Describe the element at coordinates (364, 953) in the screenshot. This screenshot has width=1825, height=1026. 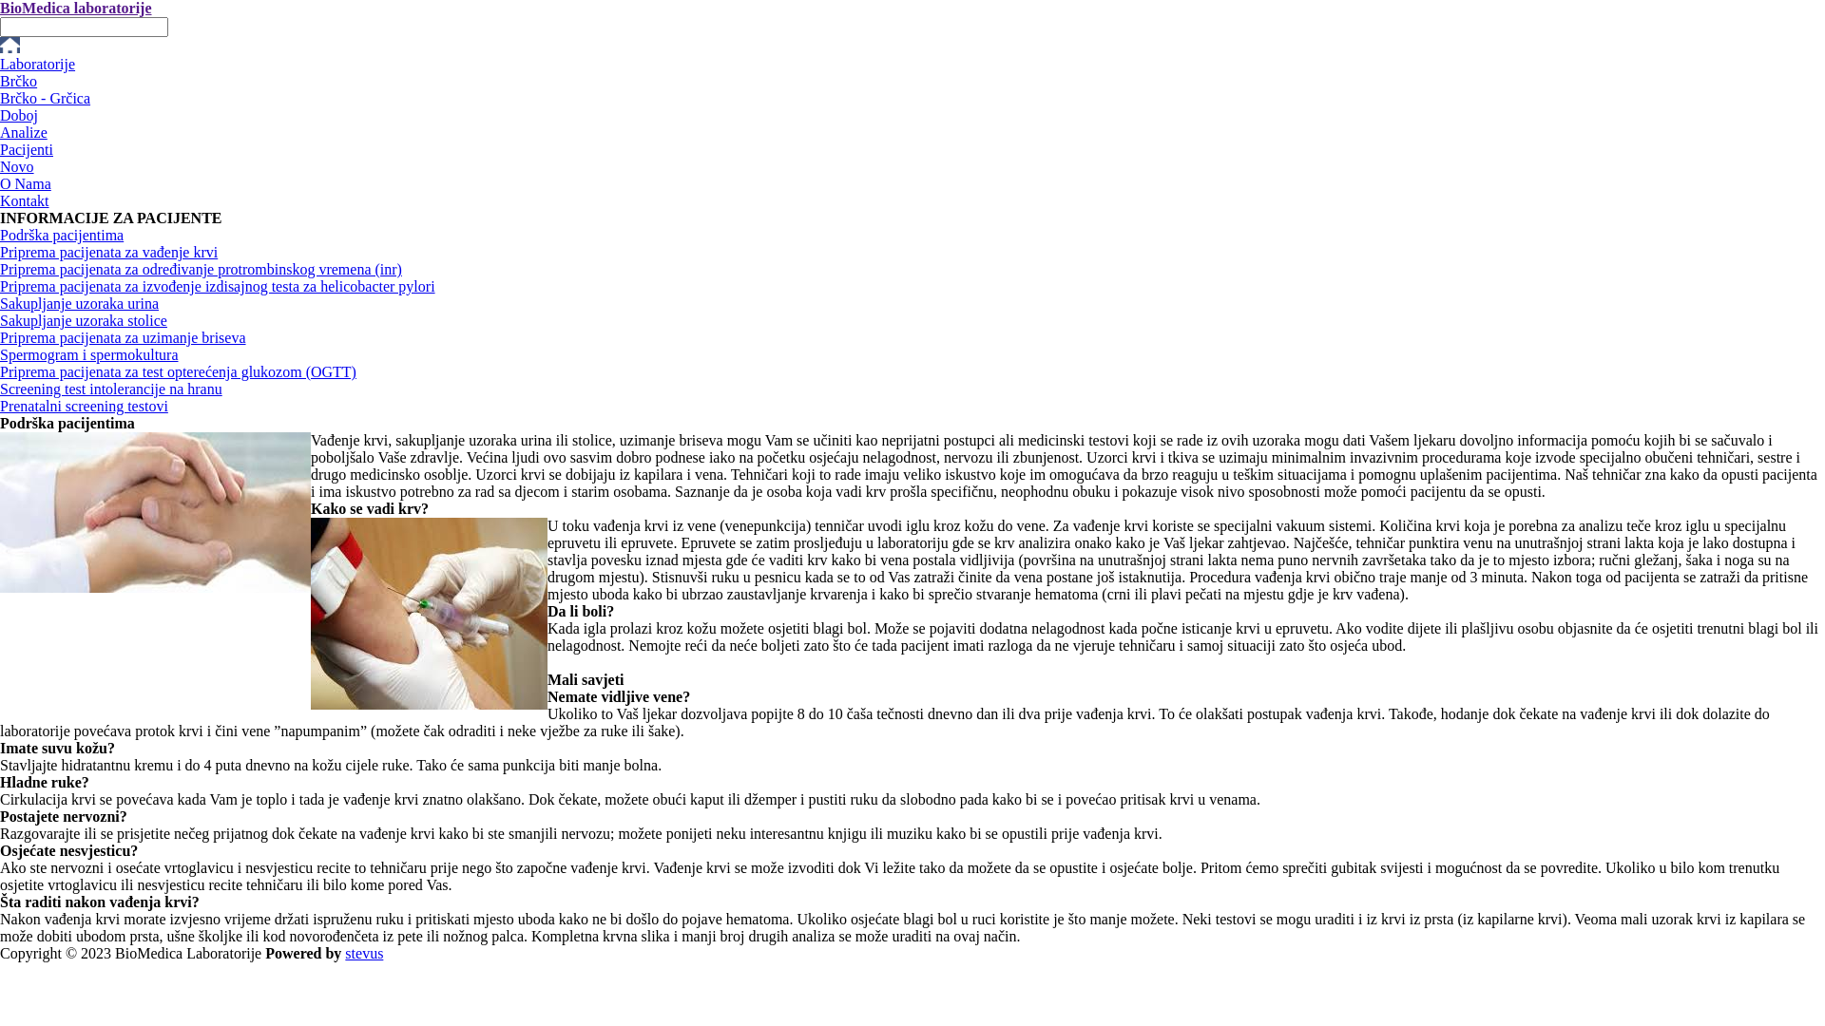
I see `'stevus'` at that location.